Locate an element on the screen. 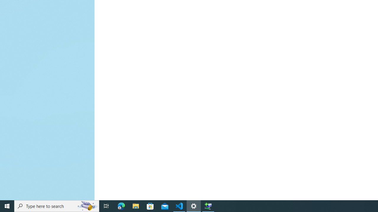  'Start' is located at coordinates (7, 206).